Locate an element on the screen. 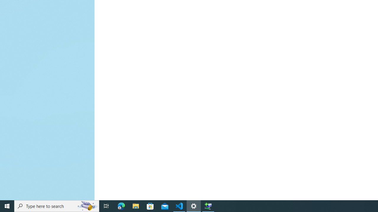  'Start' is located at coordinates (7, 206).